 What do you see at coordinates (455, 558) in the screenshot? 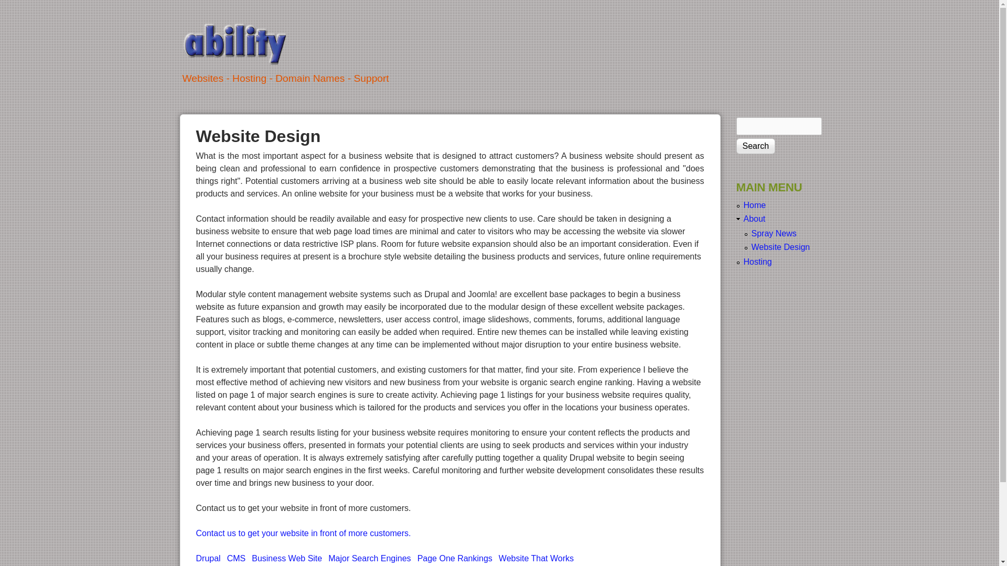
I see `'Page One Rankings'` at bounding box center [455, 558].